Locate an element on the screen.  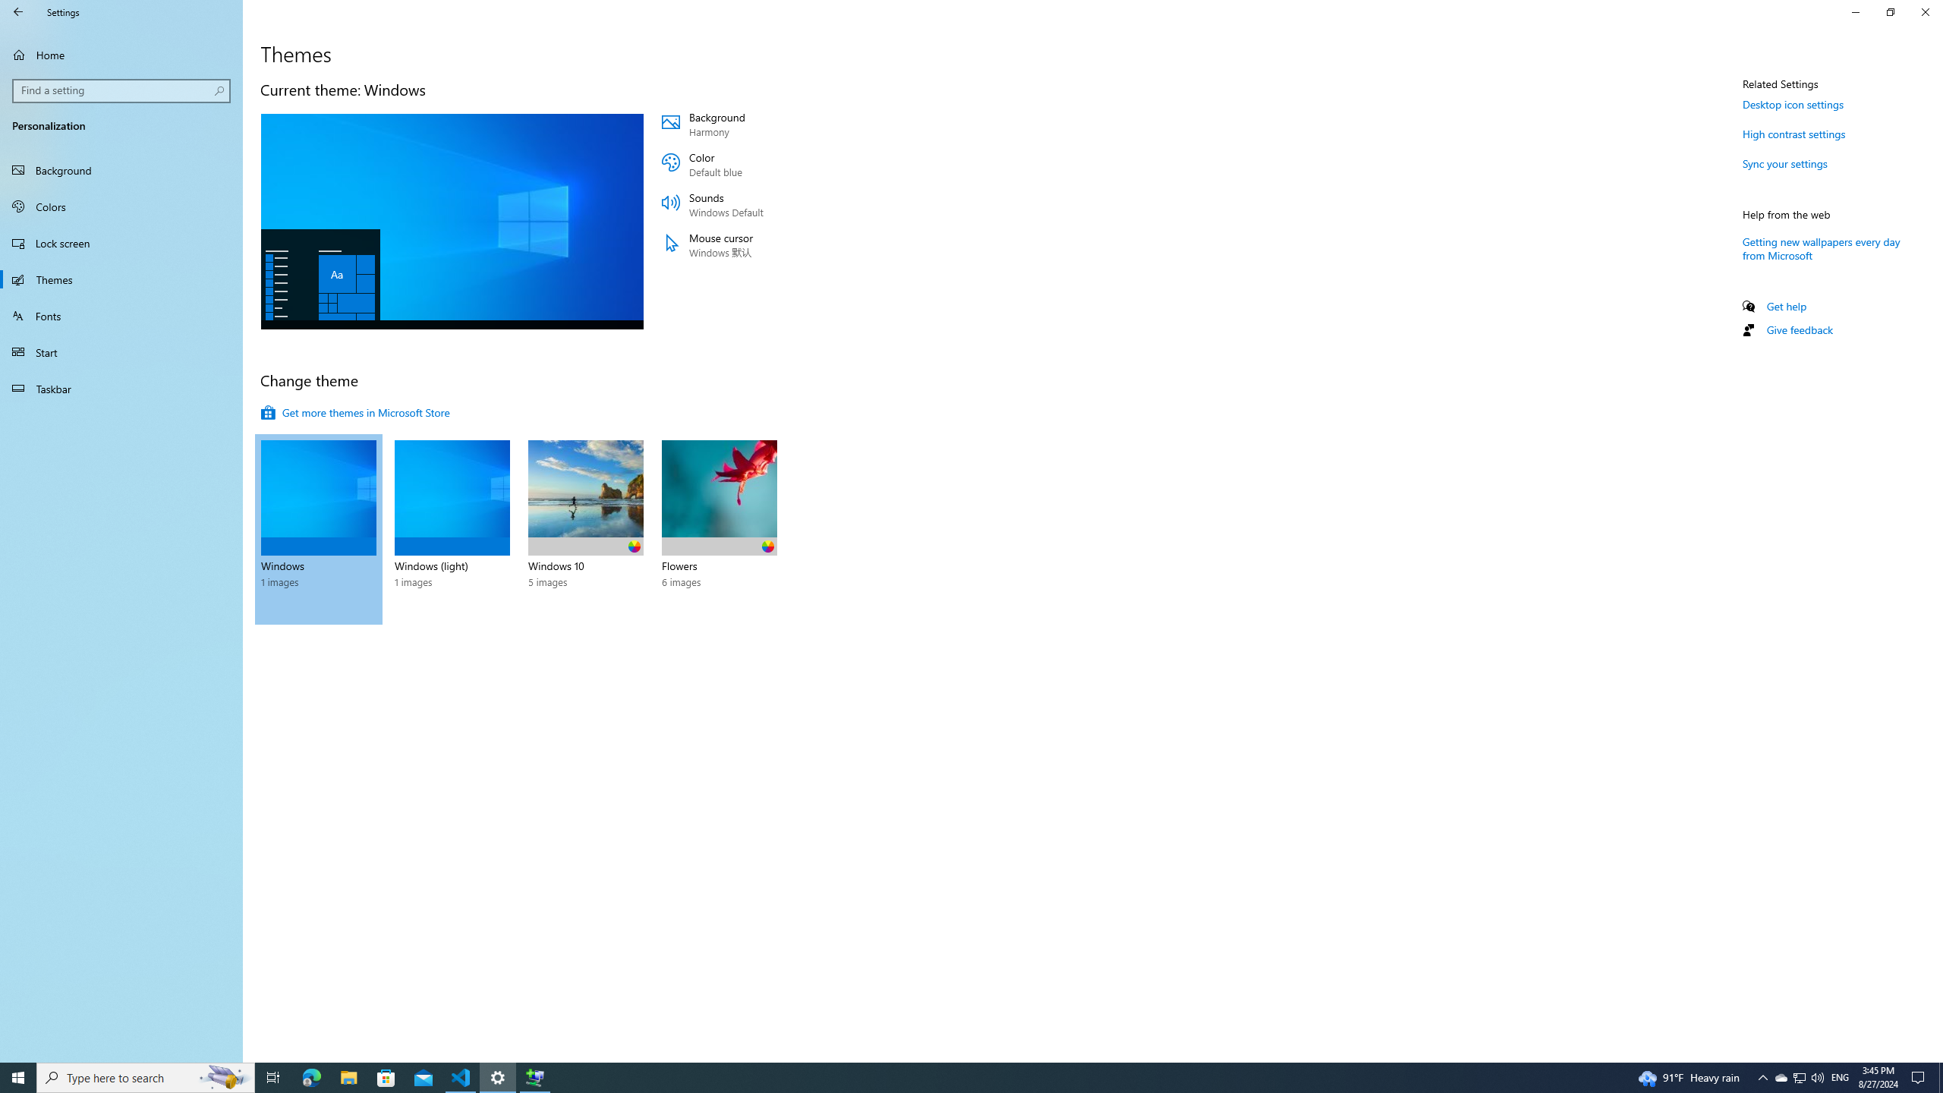
'Back' is located at coordinates (18, 11).